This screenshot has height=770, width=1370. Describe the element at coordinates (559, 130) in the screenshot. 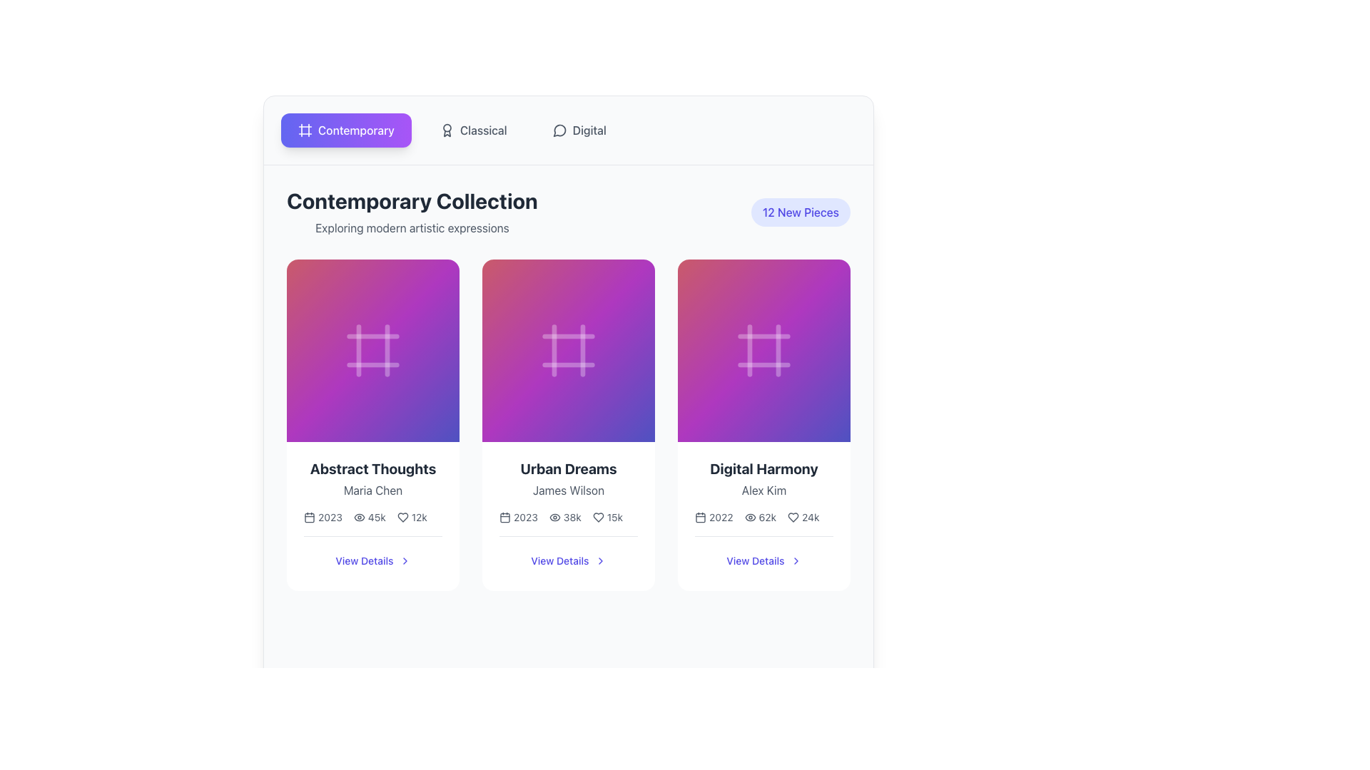

I see `the speech bubble icon located in the horizontal navigation bar to the left of the 'Digital' label` at that location.